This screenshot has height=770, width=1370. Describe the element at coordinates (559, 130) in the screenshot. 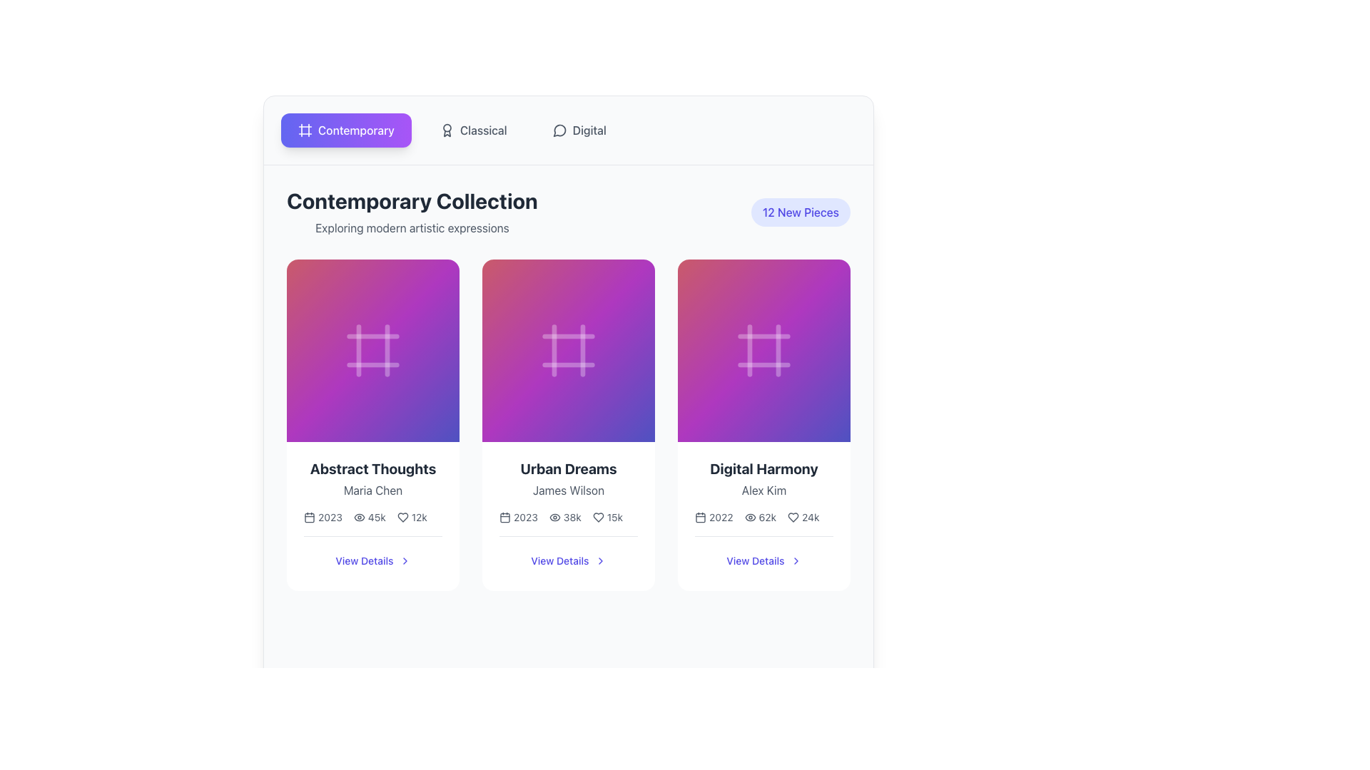

I see `the speech bubble icon located in the horizontal navigation bar to the left of the 'Digital' label` at that location.